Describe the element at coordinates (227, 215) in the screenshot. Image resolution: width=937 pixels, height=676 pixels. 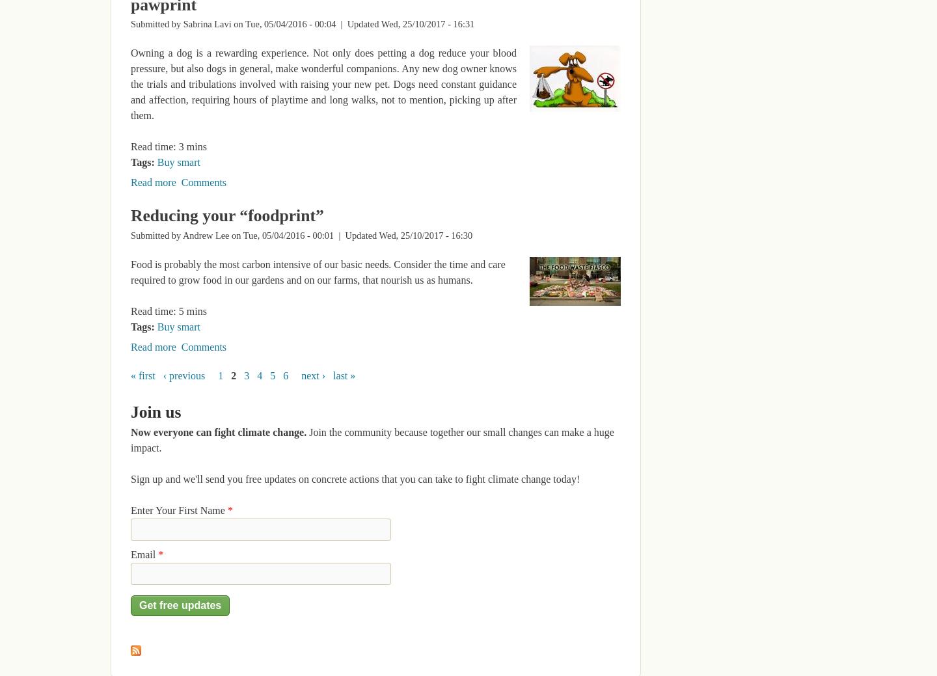
I see `'Reducing your “foodprint”'` at that location.